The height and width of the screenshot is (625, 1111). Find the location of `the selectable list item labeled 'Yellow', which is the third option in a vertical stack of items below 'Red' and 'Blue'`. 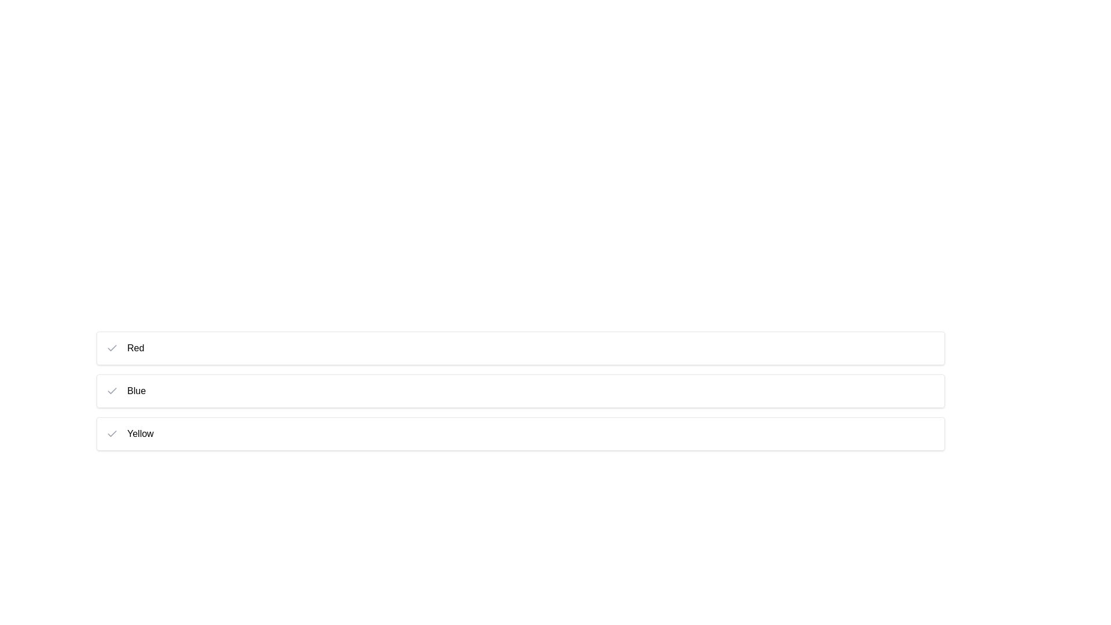

the selectable list item labeled 'Yellow', which is the third option in a vertical stack of items below 'Red' and 'Blue' is located at coordinates (520, 433).